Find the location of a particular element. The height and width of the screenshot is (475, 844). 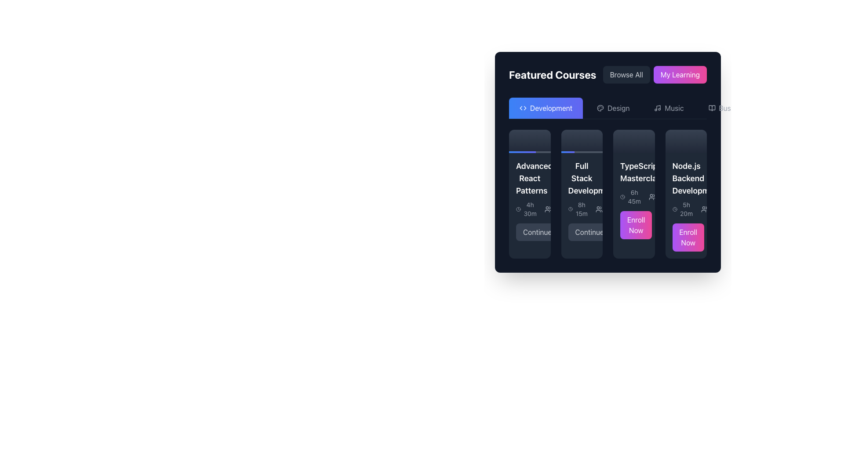

the 'Enroll Now' button, which is a rectangular button with rounded corners, featuring a gradient from purple to pink and bold white text, located under the 'TypeScript Masterclass' course card in the 'Featured Courses' section is located at coordinates (636, 225).